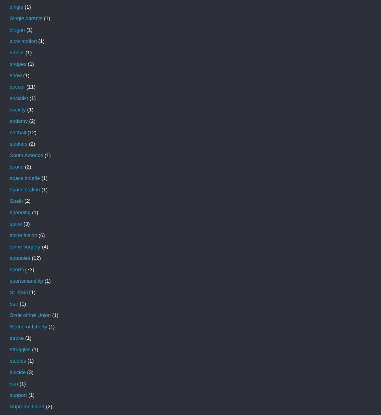 The height and width of the screenshot is (415, 381). Describe the element at coordinates (16, 167) in the screenshot. I see `'space'` at that location.